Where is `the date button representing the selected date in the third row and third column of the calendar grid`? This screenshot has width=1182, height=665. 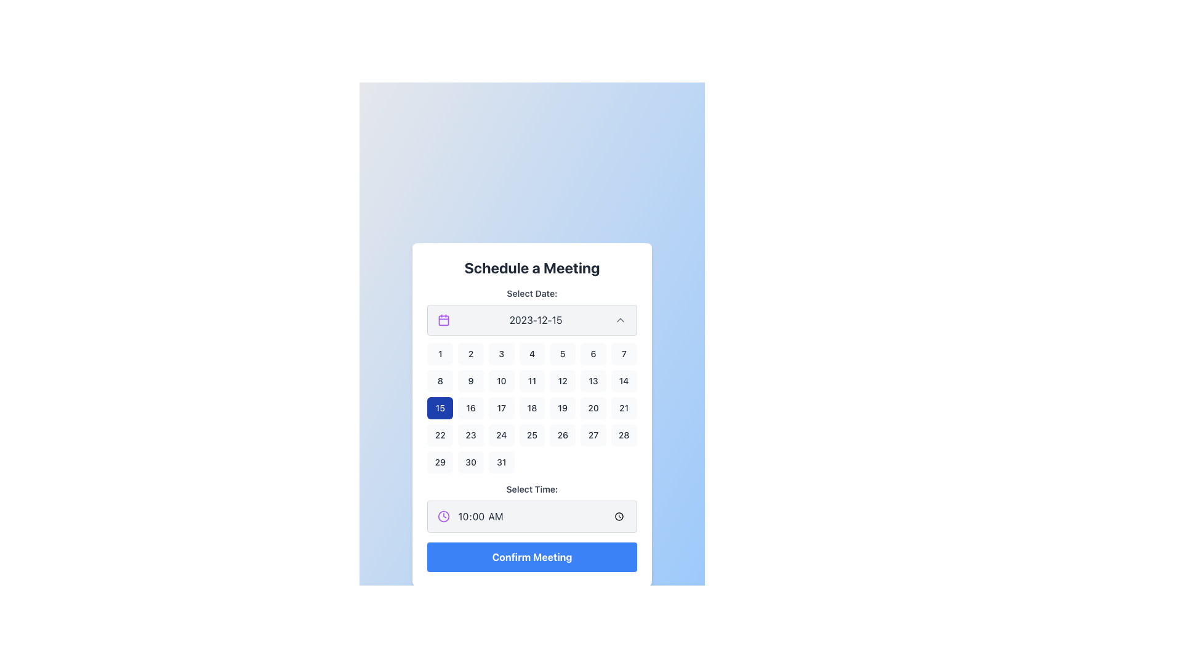
the date button representing the selected date in the third row and third column of the calendar grid is located at coordinates (501, 408).